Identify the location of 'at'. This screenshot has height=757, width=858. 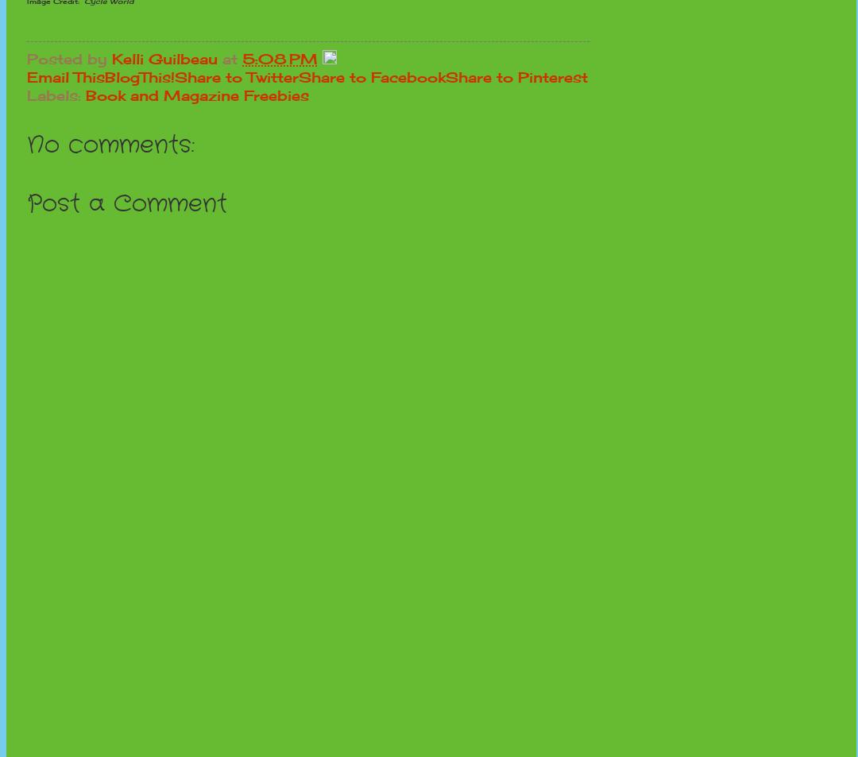
(222, 57).